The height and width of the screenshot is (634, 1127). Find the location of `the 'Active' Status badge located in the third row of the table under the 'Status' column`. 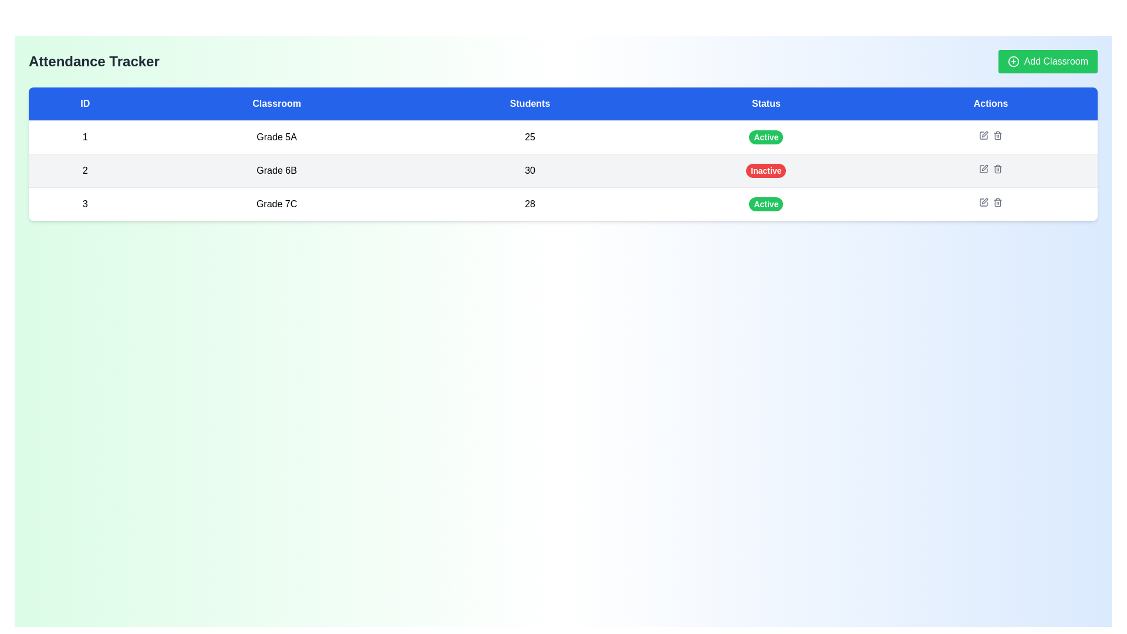

the 'Active' Status badge located in the third row of the table under the 'Status' column is located at coordinates (766, 203).